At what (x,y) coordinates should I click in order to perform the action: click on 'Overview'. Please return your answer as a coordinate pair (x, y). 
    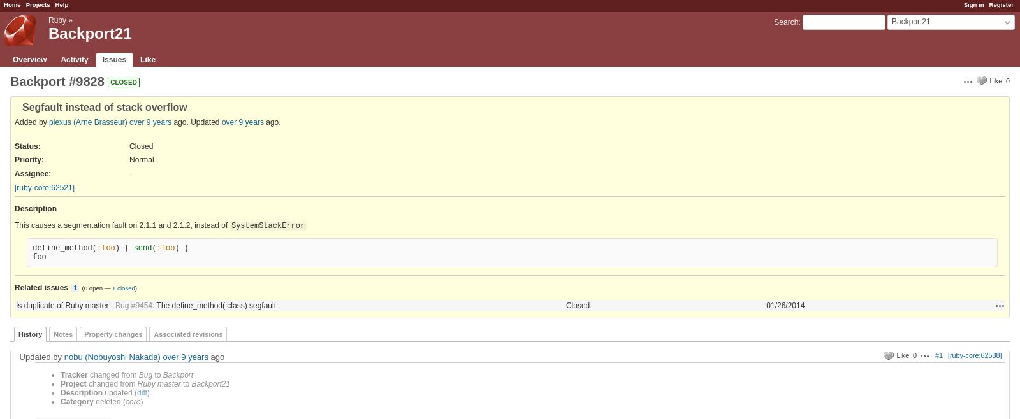
    Looking at the image, I should click on (29, 58).